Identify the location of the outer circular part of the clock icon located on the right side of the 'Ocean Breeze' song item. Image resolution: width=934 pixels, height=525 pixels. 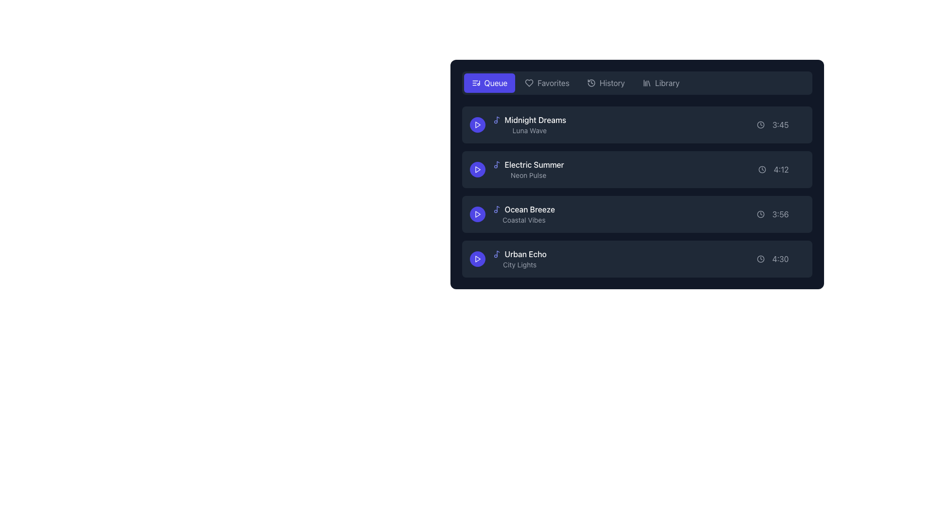
(760, 213).